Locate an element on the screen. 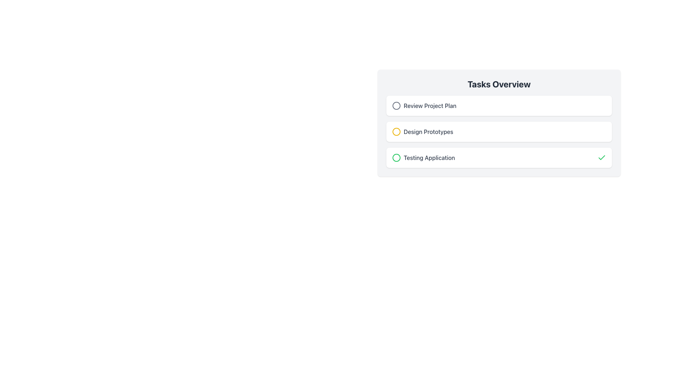 The height and width of the screenshot is (390, 694). Bullet icon indicating the status of the task labeled 'Design Prototypes', which is the second bullet point in the task list is located at coordinates (396, 132).